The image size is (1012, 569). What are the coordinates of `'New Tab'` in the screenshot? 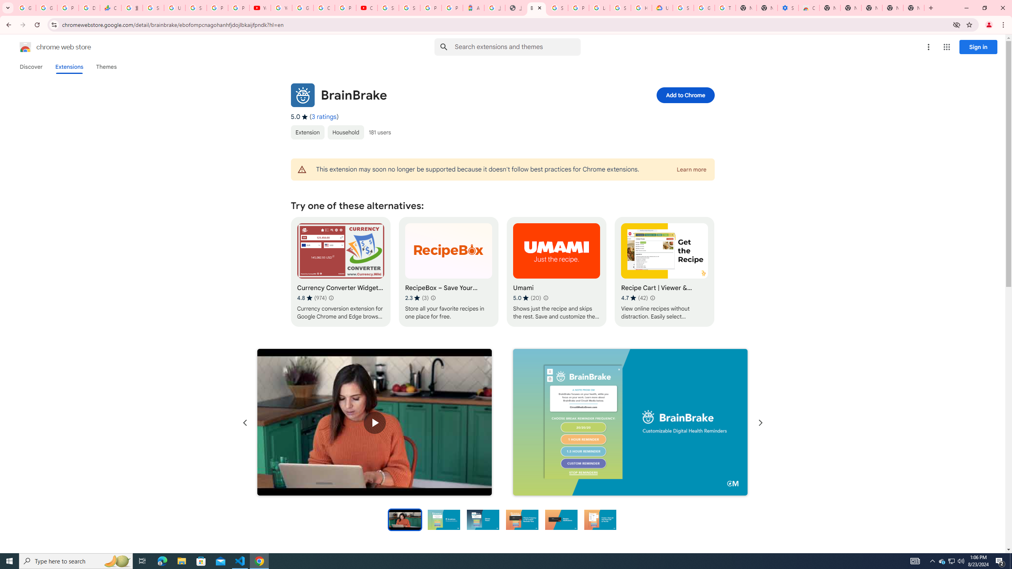 It's located at (914, 8).